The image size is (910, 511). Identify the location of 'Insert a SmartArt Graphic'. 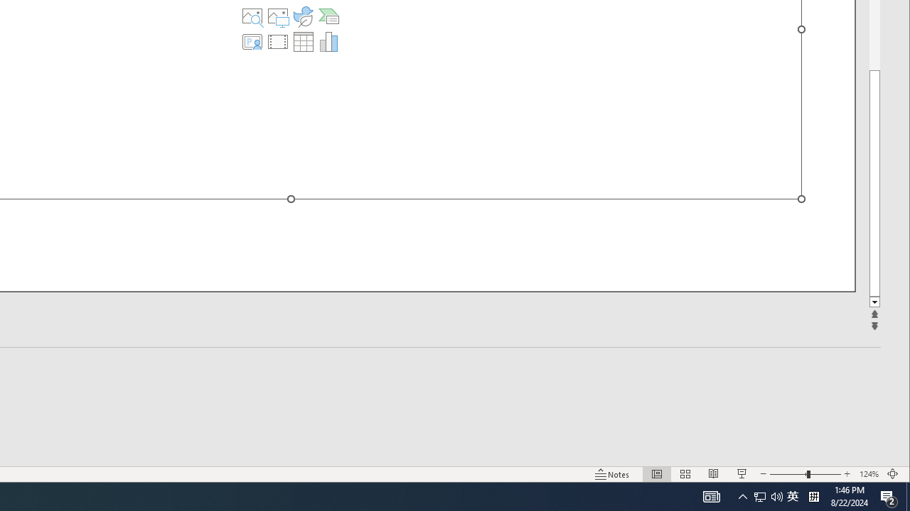
(328, 16).